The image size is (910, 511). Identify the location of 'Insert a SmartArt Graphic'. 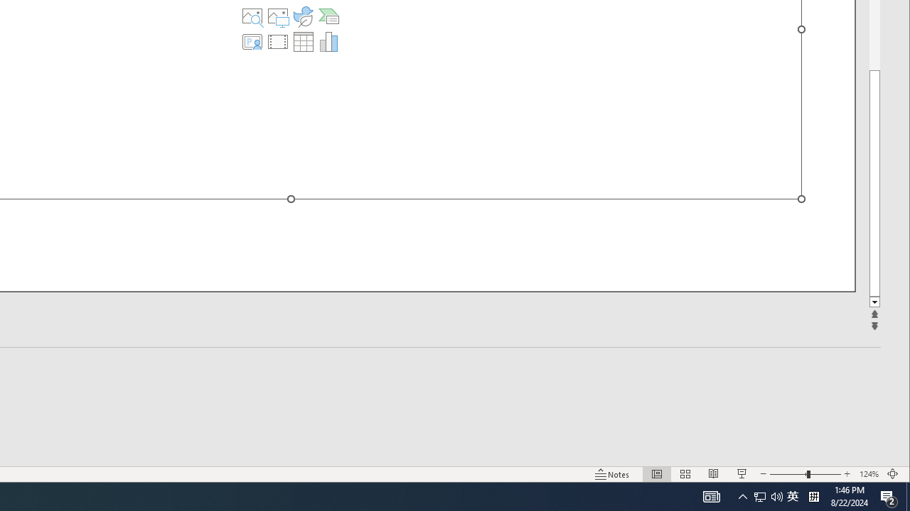
(328, 16).